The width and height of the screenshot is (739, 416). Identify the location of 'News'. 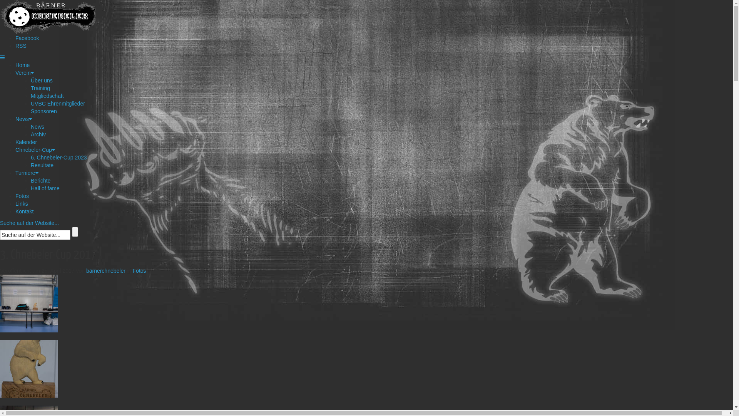
(37, 126).